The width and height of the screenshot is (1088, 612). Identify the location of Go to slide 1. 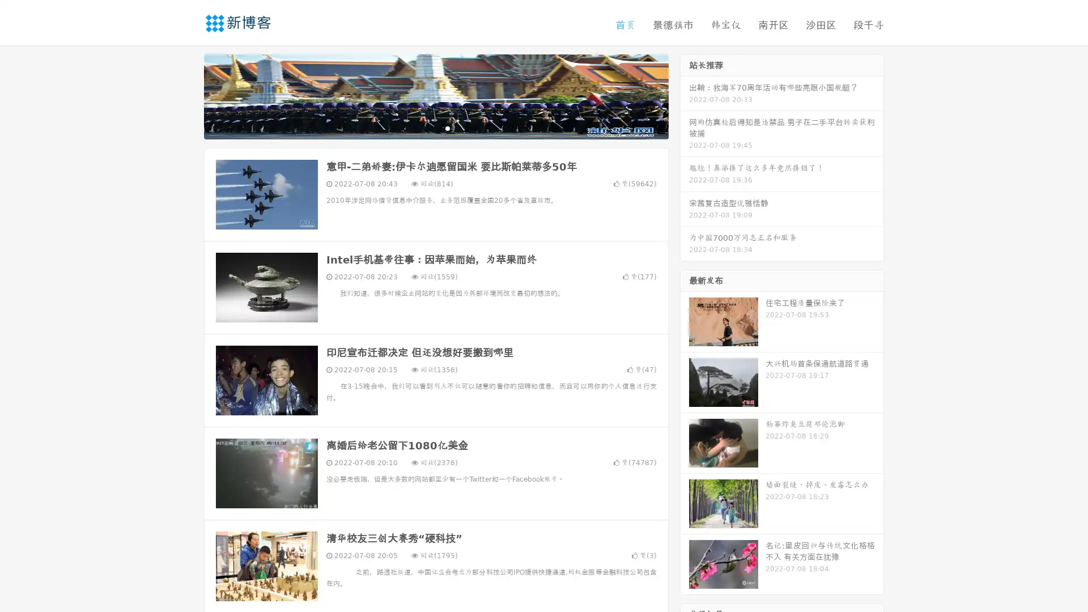
(424, 127).